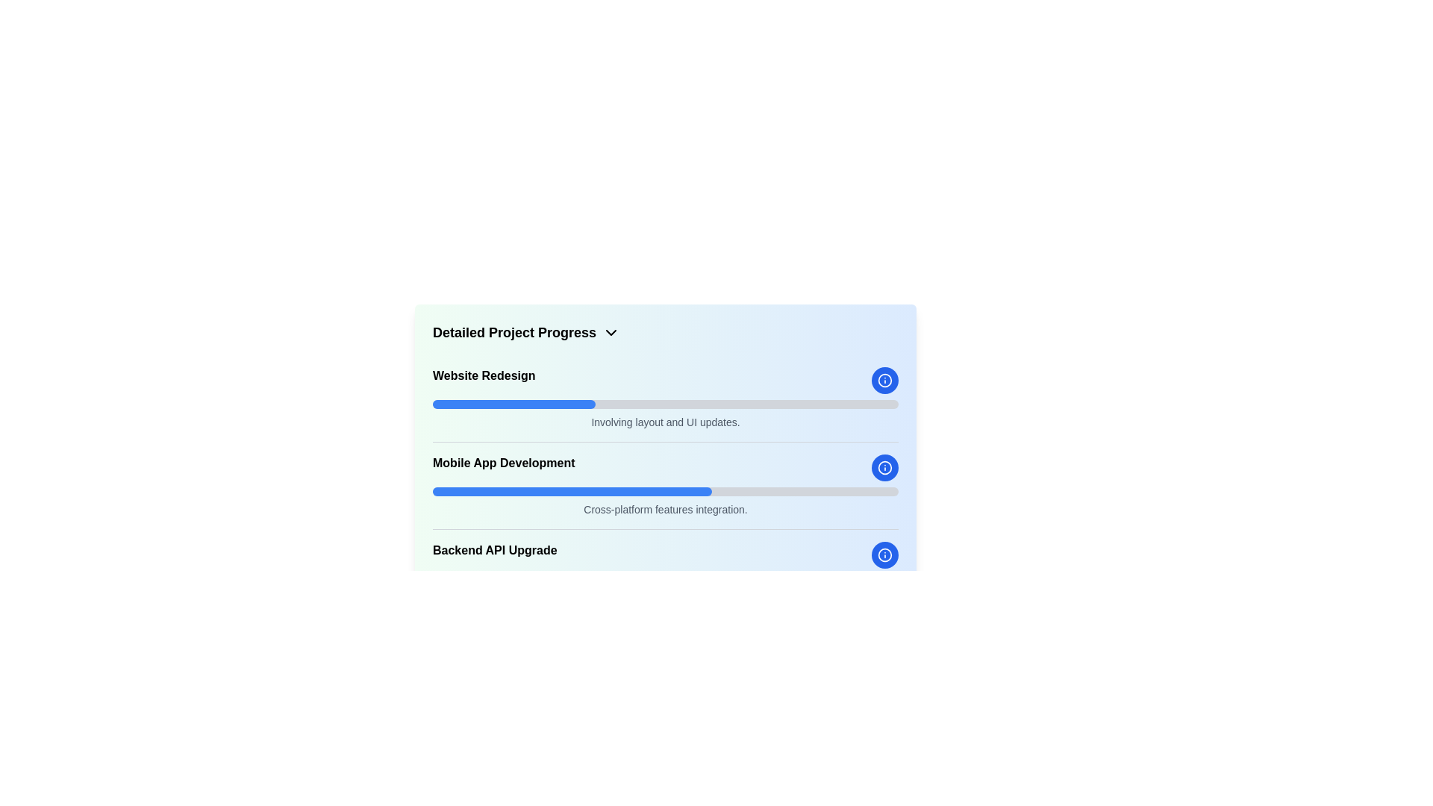 Image resolution: width=1433 pixels, height=806 pixels. What do you see at coordinates (495, 555) in the screenshot?
I see `the Text Label that serves as a header for a project within the progress tracker, located below 'Mobile App Development'` at bounding box center [495, 555].